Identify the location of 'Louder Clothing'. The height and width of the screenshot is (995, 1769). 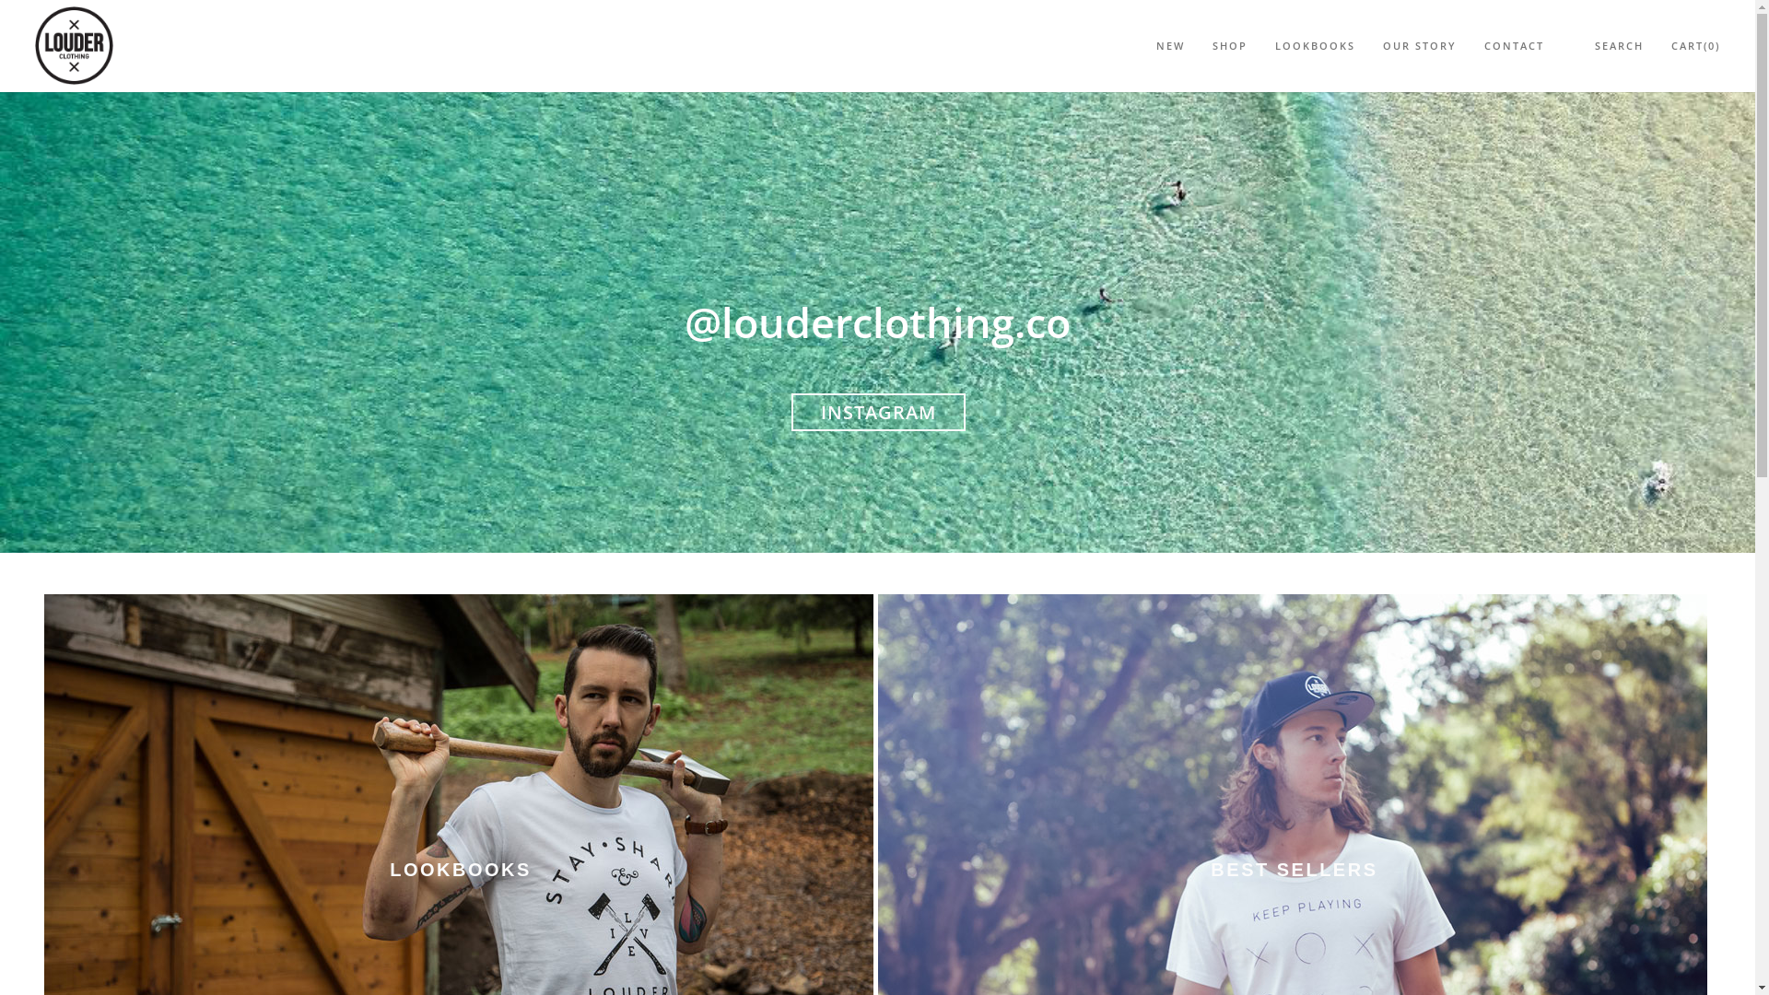
(74, 41).